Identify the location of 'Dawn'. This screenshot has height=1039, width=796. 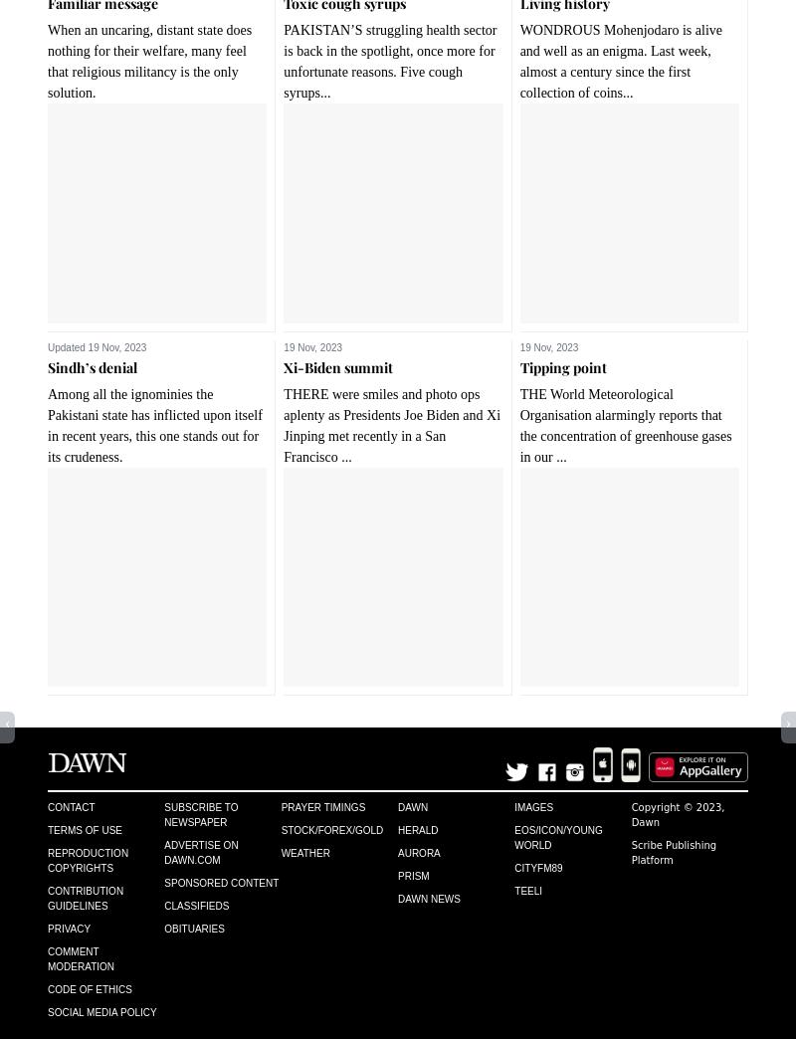
(412, 805).